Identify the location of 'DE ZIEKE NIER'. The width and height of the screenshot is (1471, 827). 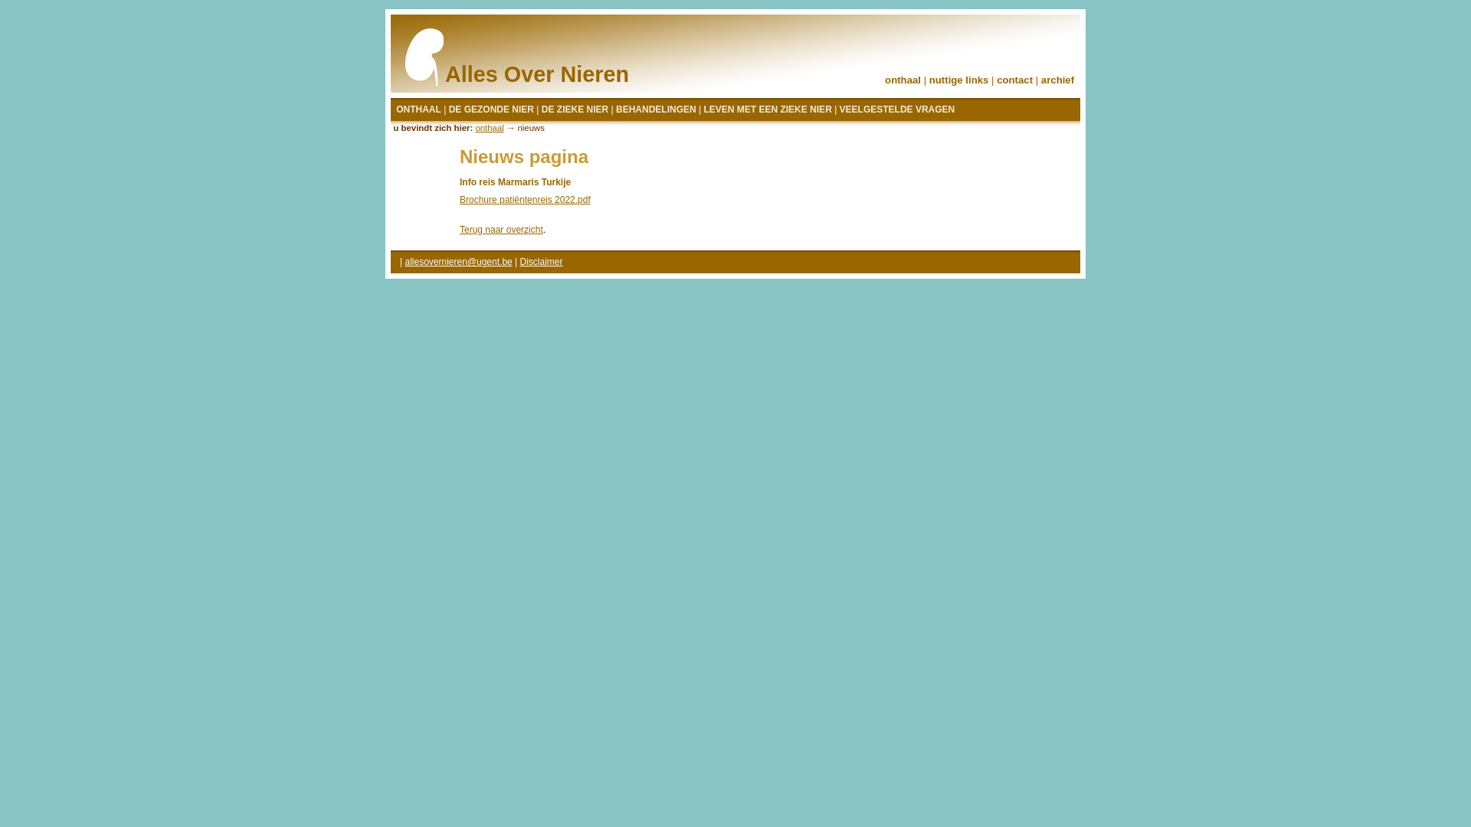
(574, 109).